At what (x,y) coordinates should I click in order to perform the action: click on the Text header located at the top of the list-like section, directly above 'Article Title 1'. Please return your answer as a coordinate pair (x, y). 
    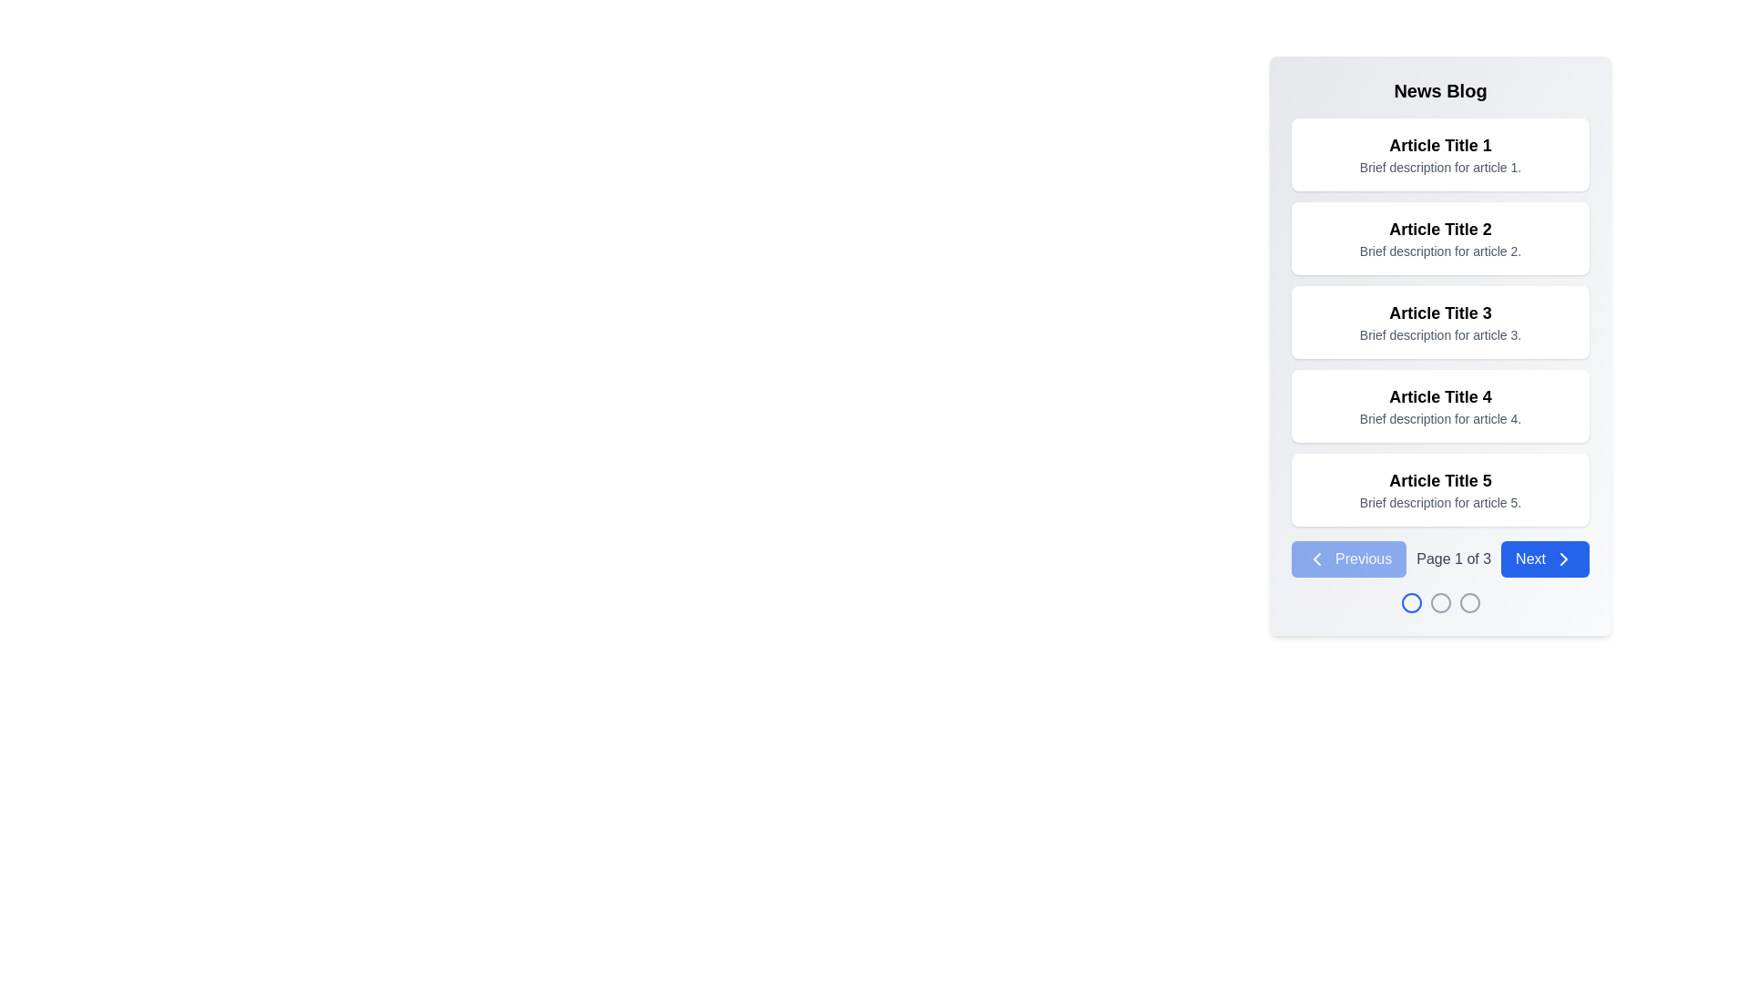
    Looking at the image, I should click on (1439, 91).